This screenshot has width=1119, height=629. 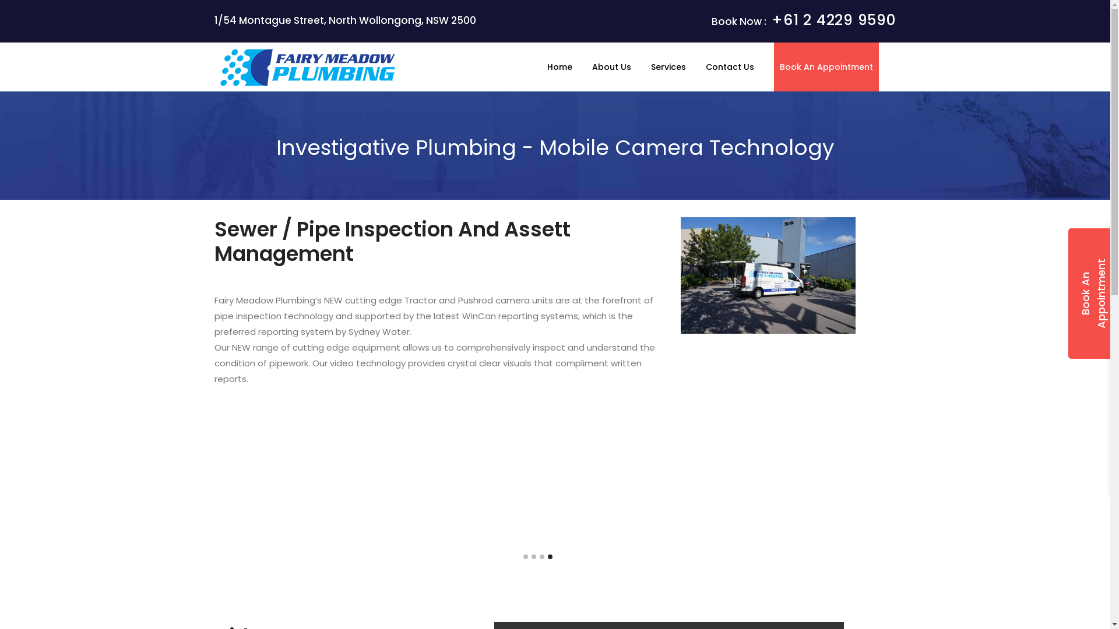 I want to click on 'About Us', so click(x=611, y=67).